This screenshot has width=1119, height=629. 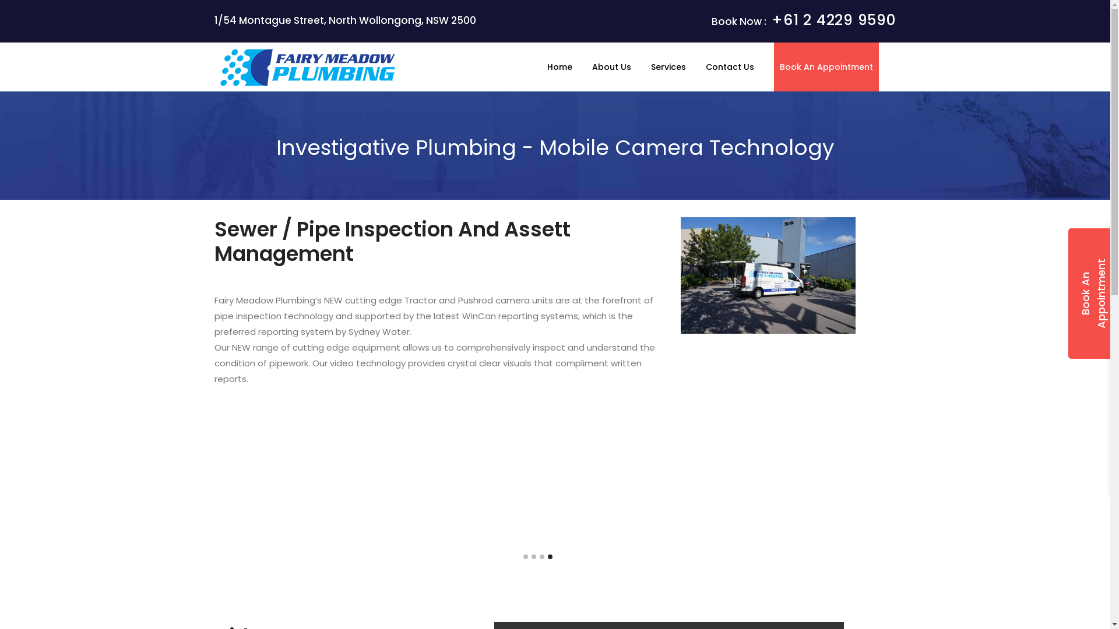 I want to click on 'About Us', so click(x=611, y=67).